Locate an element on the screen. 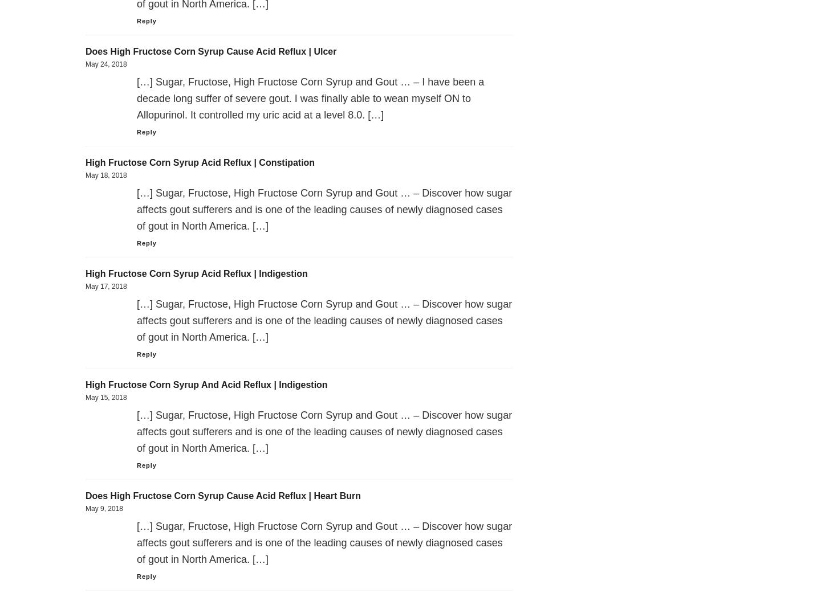 The width and height of the screenshot is (821, 601). 'High Fructose Corn Syrup Acid Reflux | Constipation' is located at coordinates (85, 162).